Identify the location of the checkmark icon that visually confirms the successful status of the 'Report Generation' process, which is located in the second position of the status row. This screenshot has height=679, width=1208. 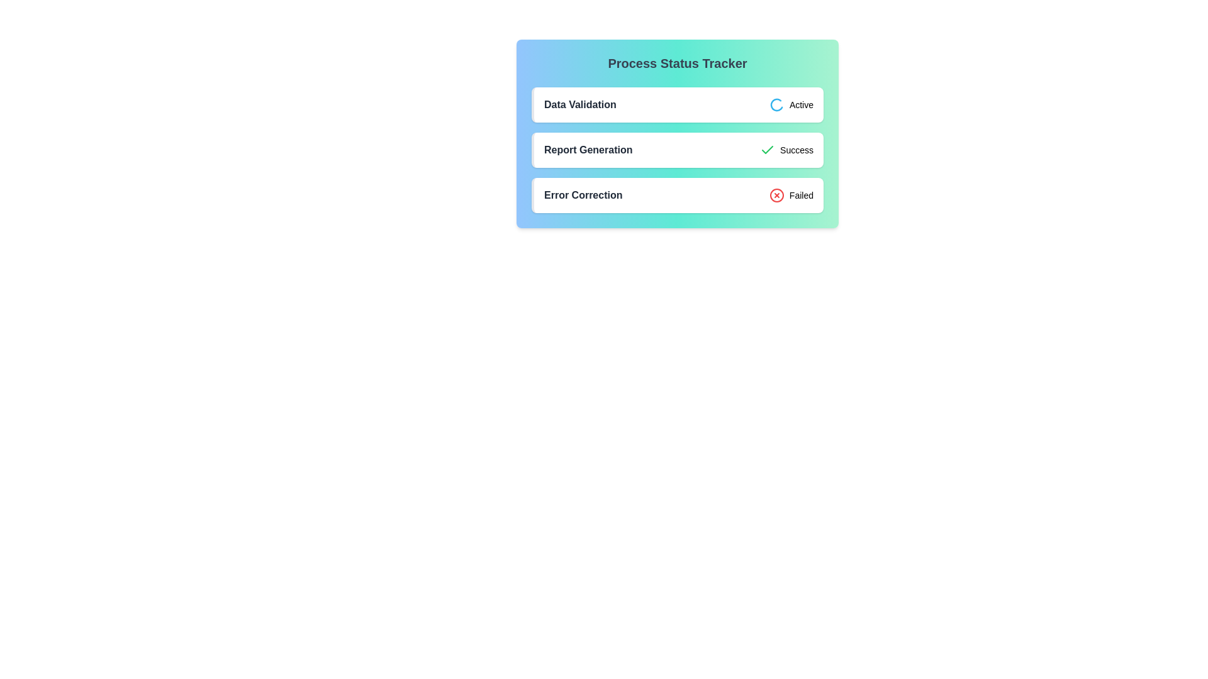
(767, 149).